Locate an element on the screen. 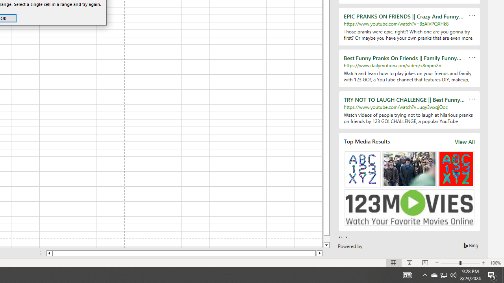 The image size is (504, 283). 'User Promoted Notification Area' is located at coordinates (444, 274).